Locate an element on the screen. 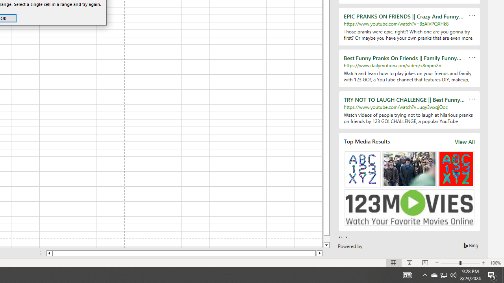 The image size is (504, 283). 'User Promoted Notification Area' is located at coordinates (444, 274).